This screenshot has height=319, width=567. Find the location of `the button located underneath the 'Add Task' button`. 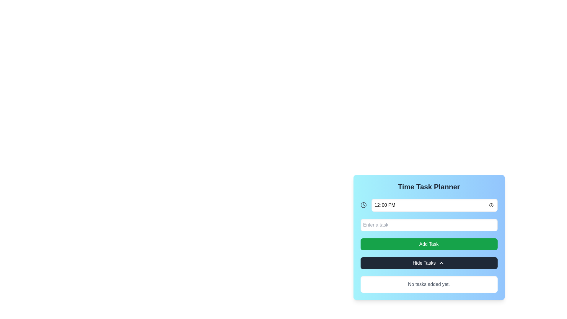

the button located underneath the 'Add Task' button is located at coordinates (429, 263).